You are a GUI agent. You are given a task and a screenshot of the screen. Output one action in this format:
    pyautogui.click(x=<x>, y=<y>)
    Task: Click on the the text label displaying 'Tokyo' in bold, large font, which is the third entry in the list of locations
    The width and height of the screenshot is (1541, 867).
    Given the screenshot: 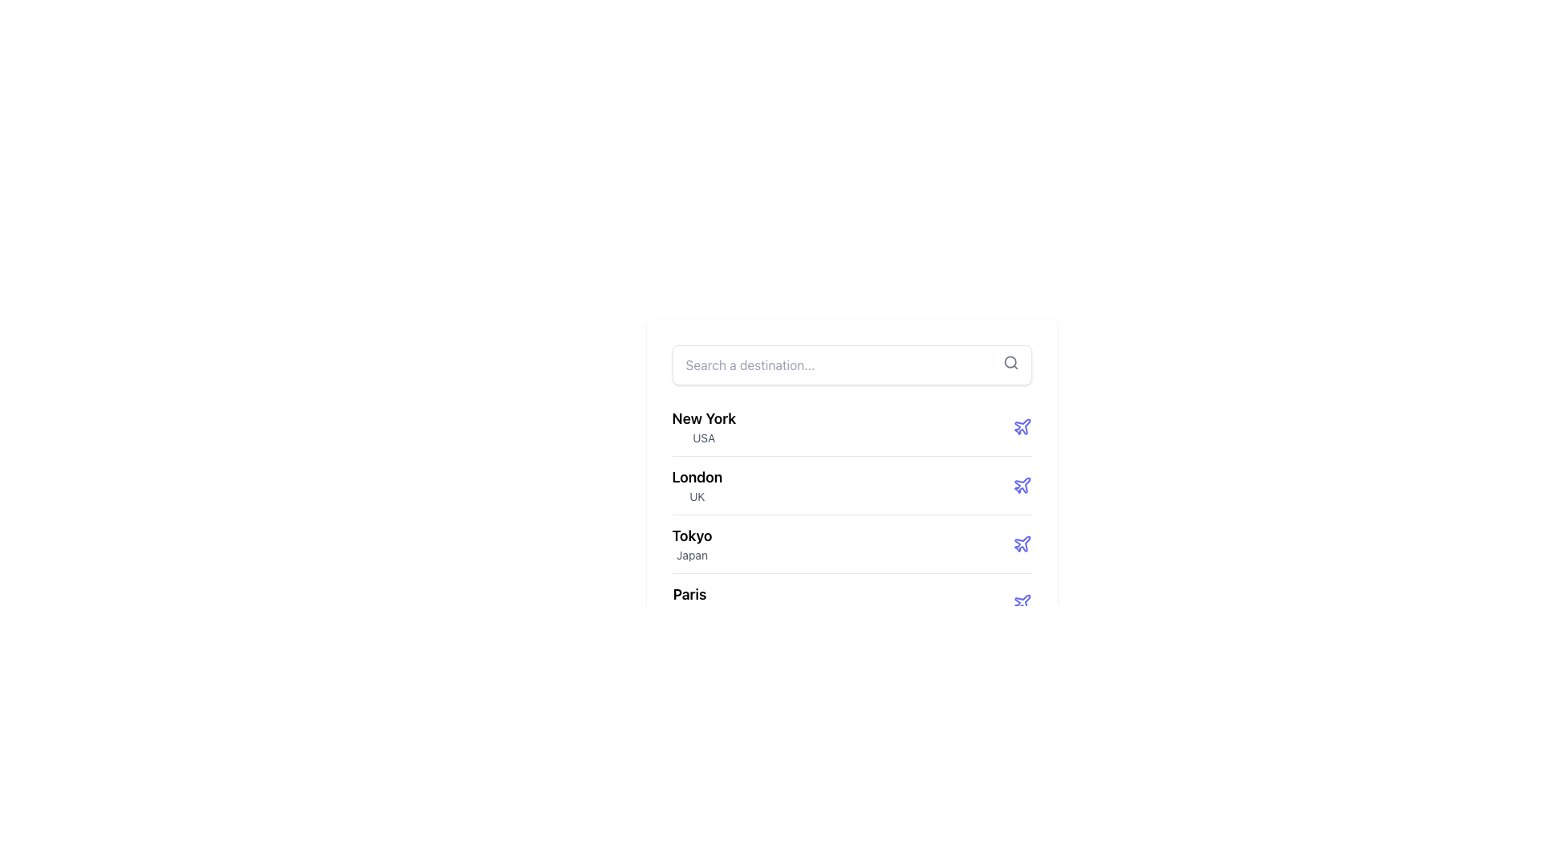 What is the action you would take?
    pyautogui.click(x=692, y=535)
    